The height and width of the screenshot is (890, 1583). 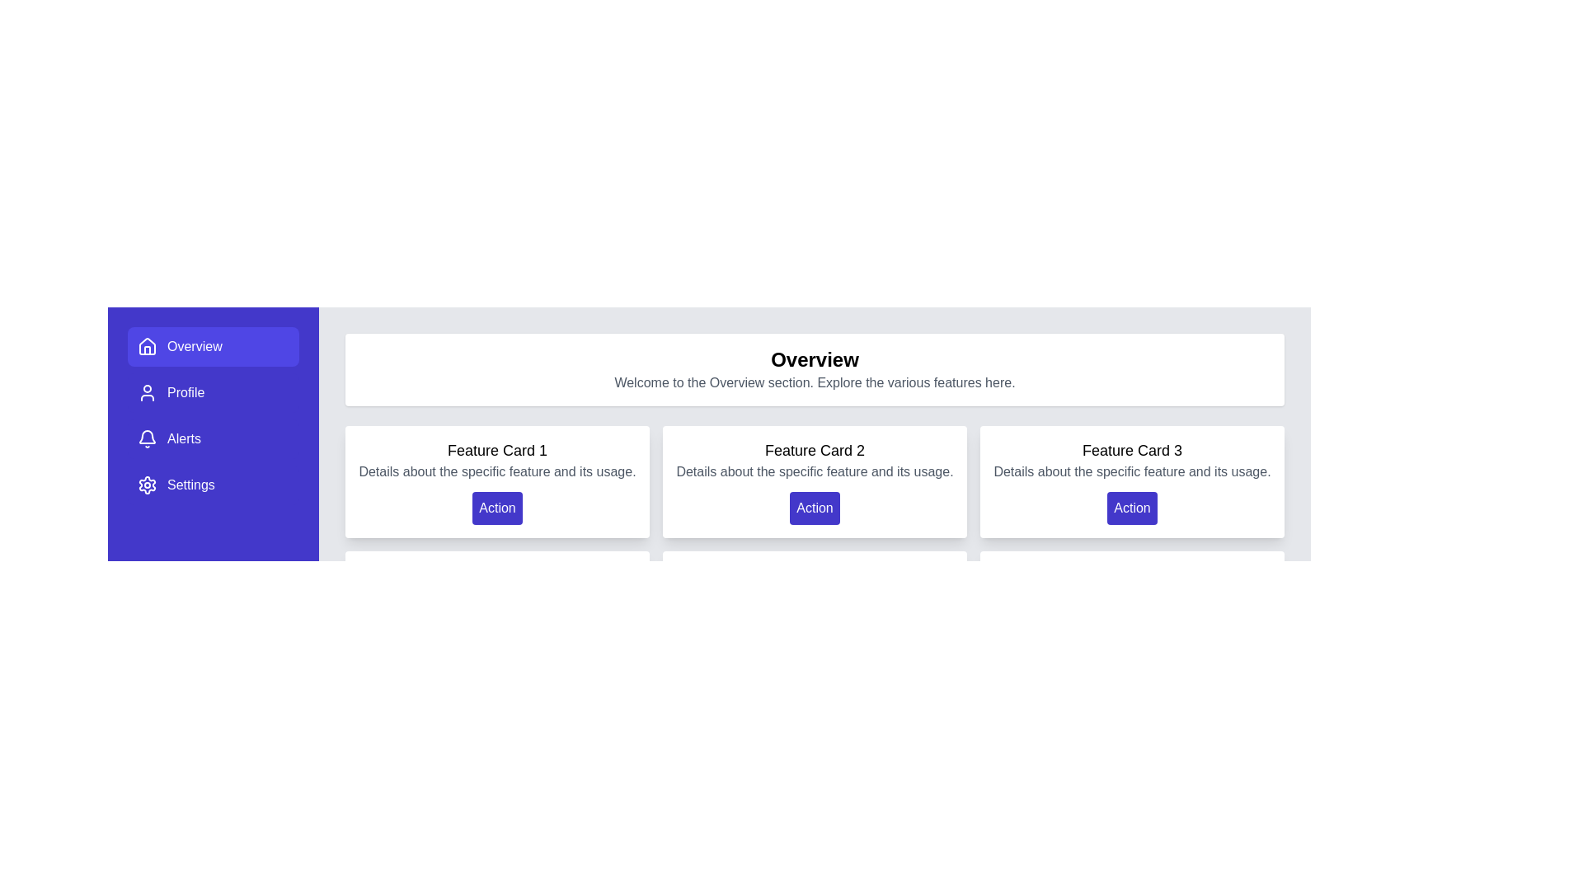 What do you see at coordinates (190, 485) in the screenshot?
I see `text of the 'Settings' label in the sidebar menu, which is the fourth item below 'Overview', 'Profile', and 'Alerts', and is located next to a gear icon` at bounding box center [190, 485].